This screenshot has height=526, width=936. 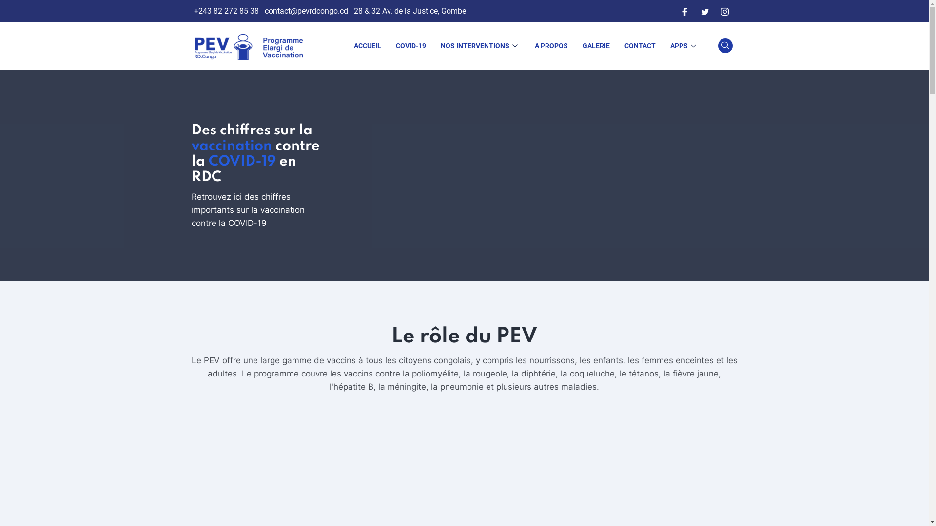 I want to click on '+243 82 272 85 38', so click(x=194, y=11).